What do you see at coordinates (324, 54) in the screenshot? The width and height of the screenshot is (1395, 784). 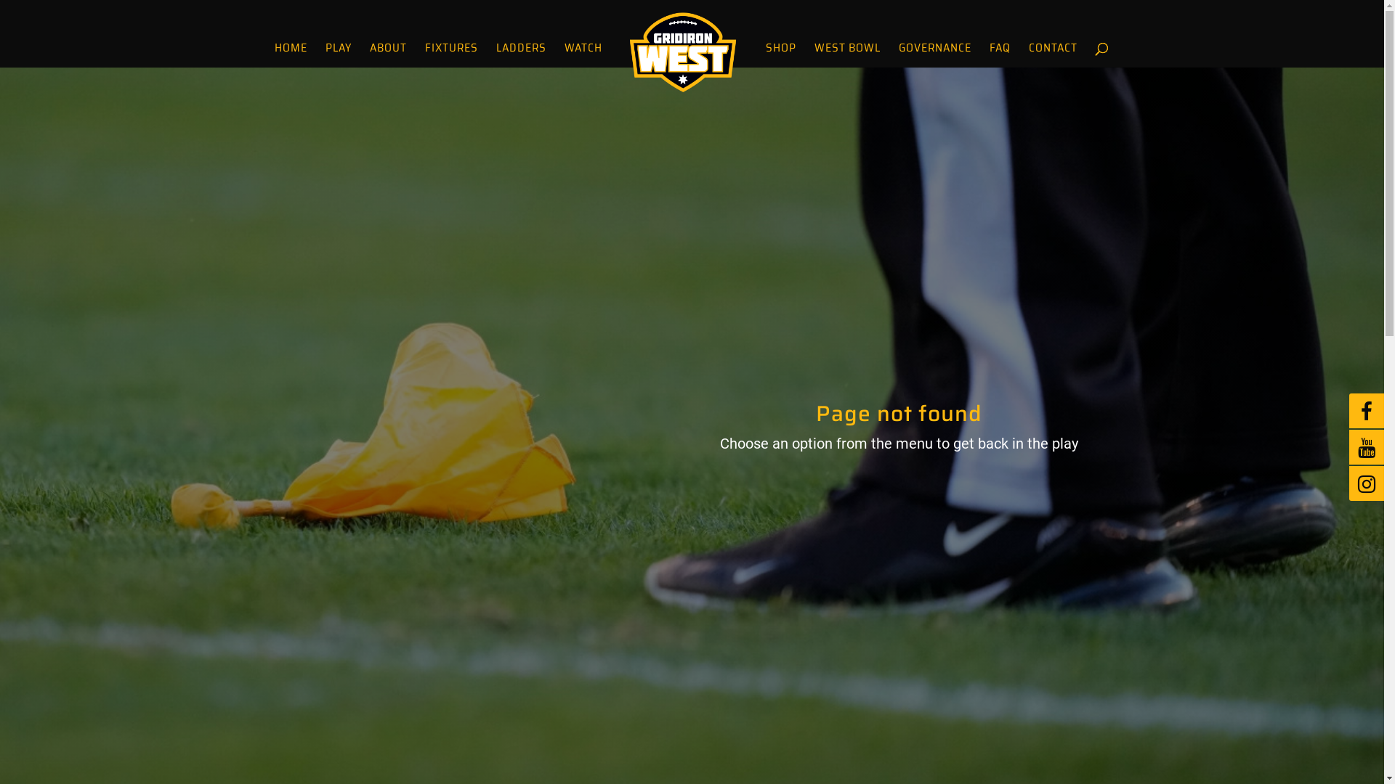 I see `'PLAY'` at bounding box center [324, 54].